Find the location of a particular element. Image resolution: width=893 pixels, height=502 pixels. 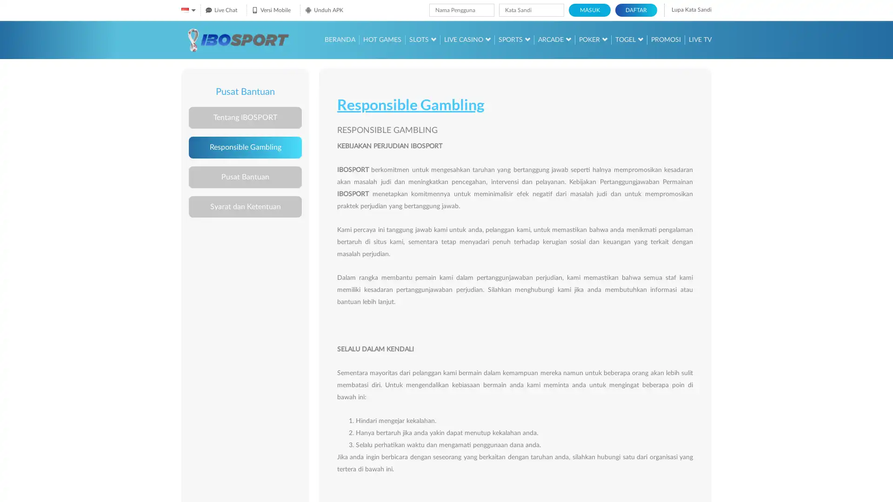

Masuk is located at coordinates (589, 10).